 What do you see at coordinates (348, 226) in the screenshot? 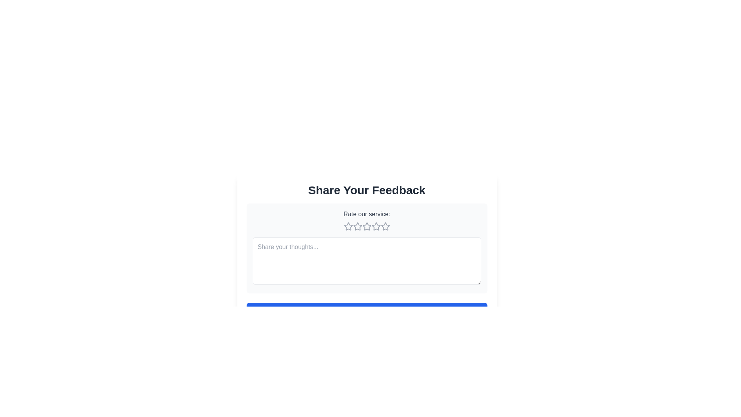
I see `the first rating star icon in the rating input interface` at bounding box center [348, 226].